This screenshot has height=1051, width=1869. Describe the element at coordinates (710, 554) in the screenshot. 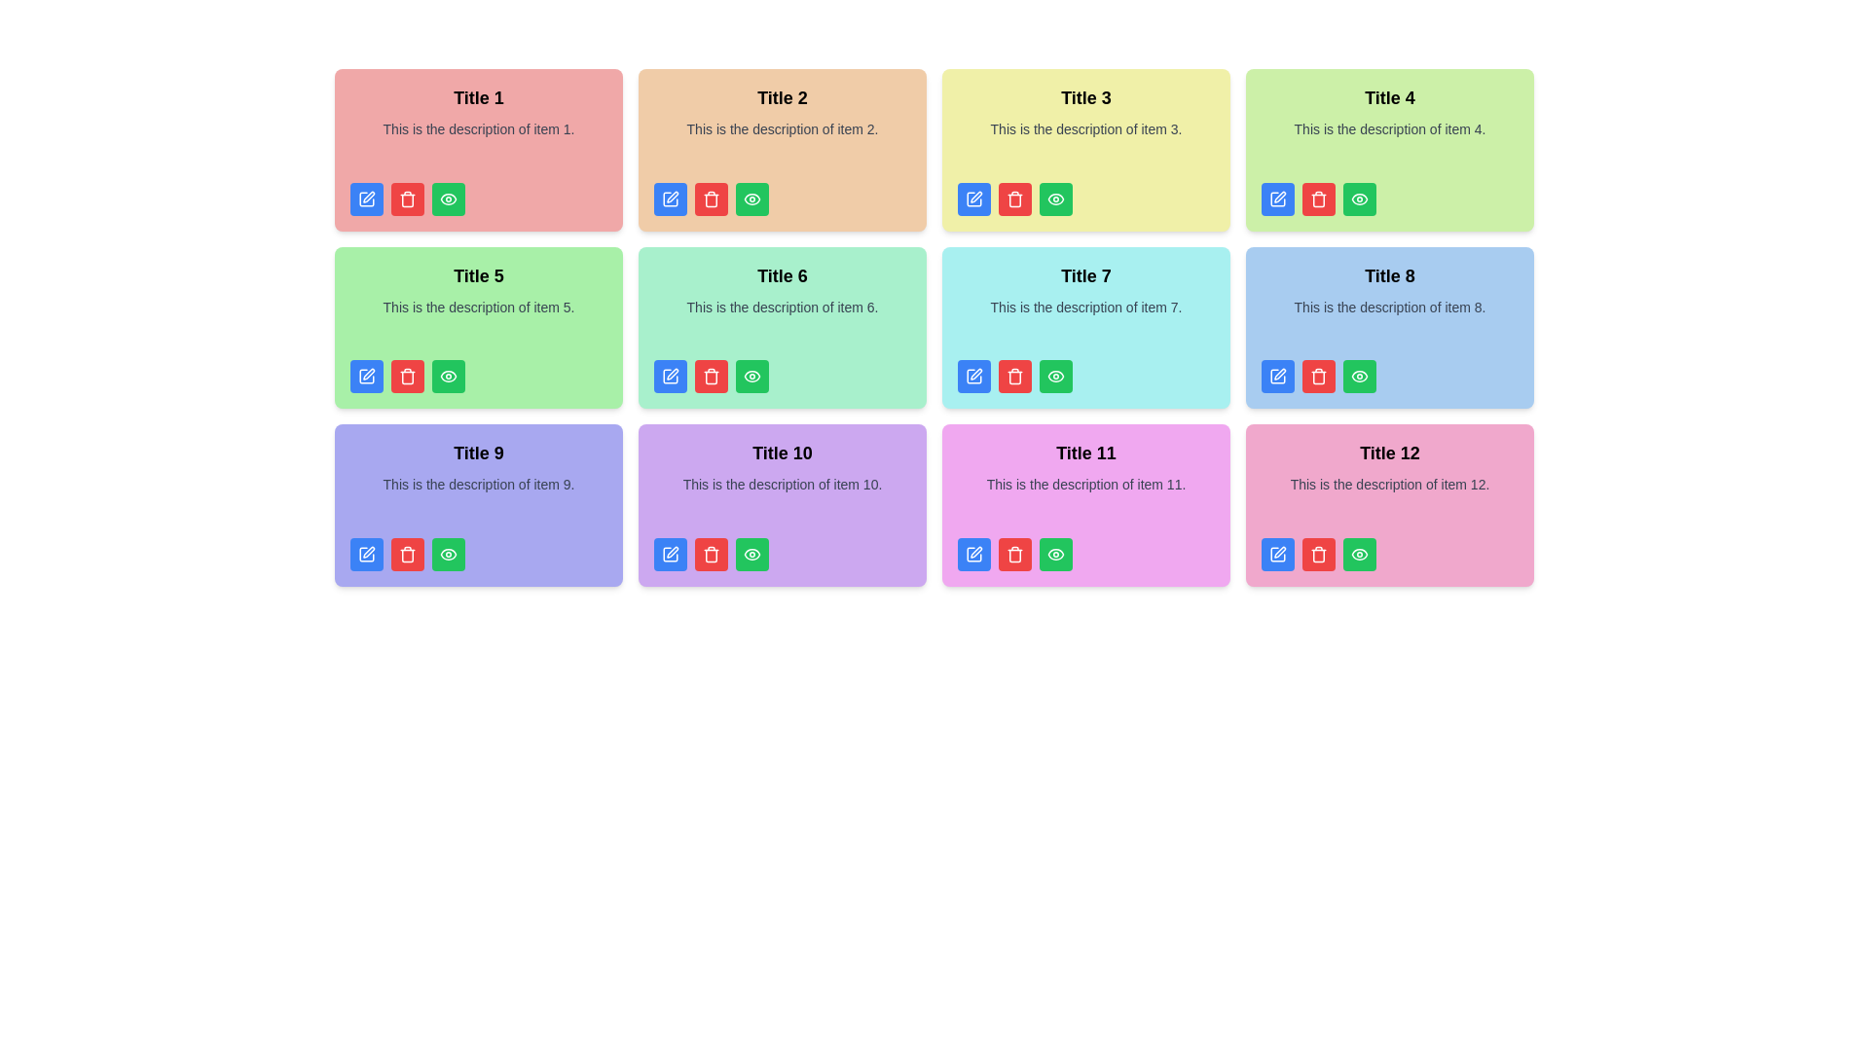

I see `the trash can button with a red background to initiate the delete action` at that location.